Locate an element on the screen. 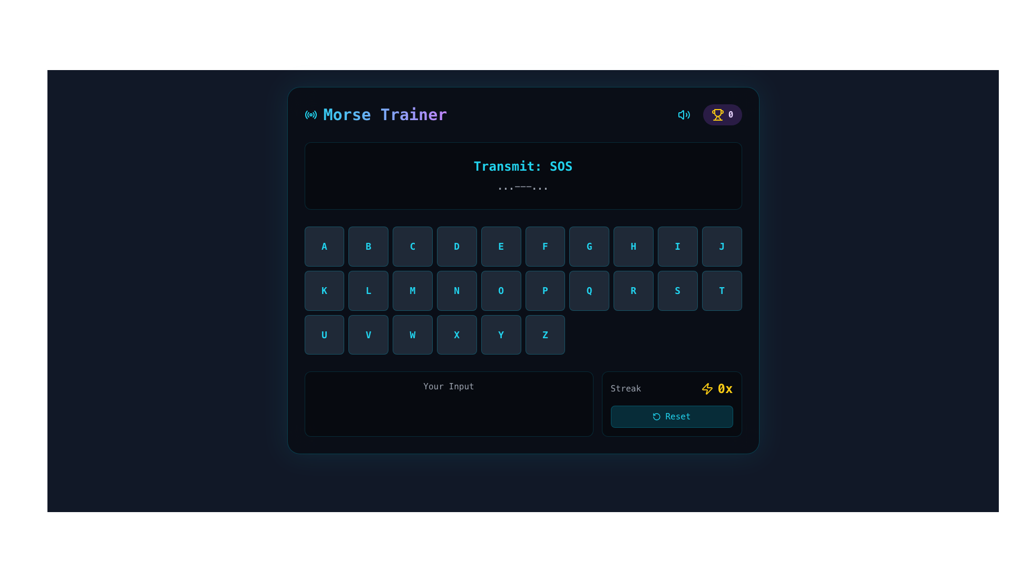 This screenshot has height=569, width=1012. the cyan speaker icon button located in the top-right section of the interface is located at coordinates (684, 115).